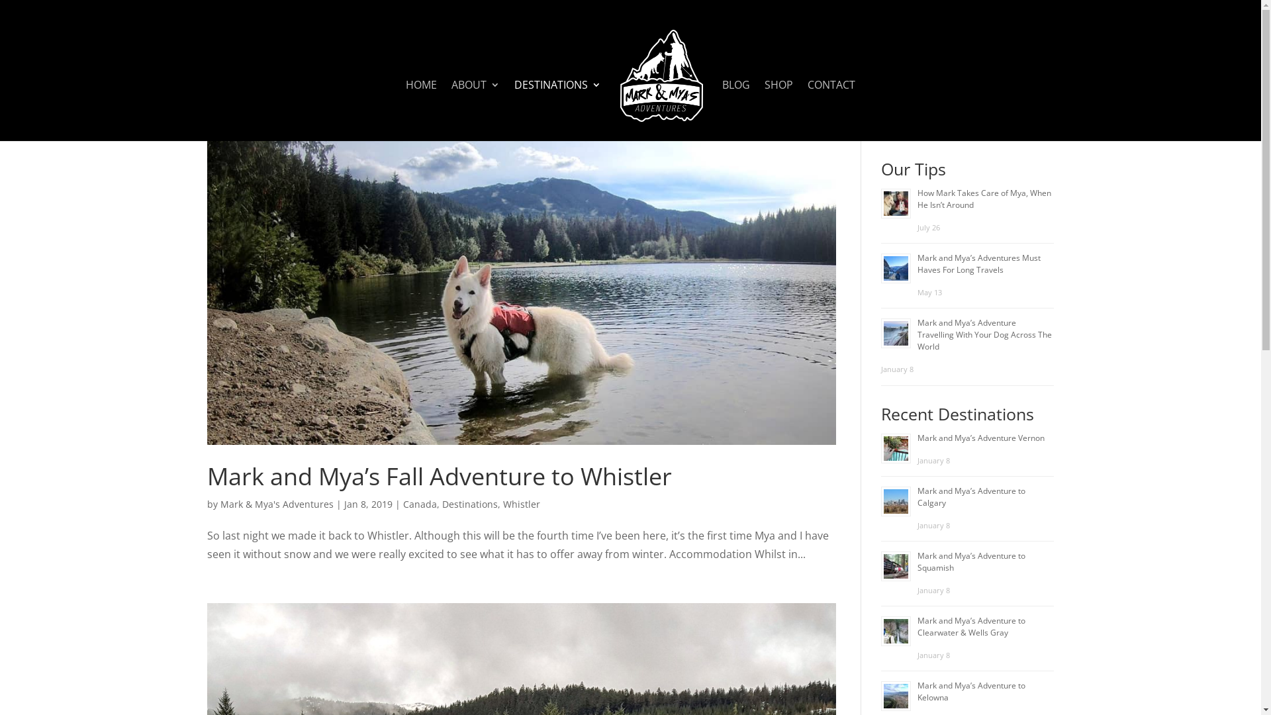 Image resolution: width=1271 pixels, height=715 pixels. What do you see at coordinates (1029, 127) in the screenshot?
I see `'Search'` at bounding box center [1029, 127].